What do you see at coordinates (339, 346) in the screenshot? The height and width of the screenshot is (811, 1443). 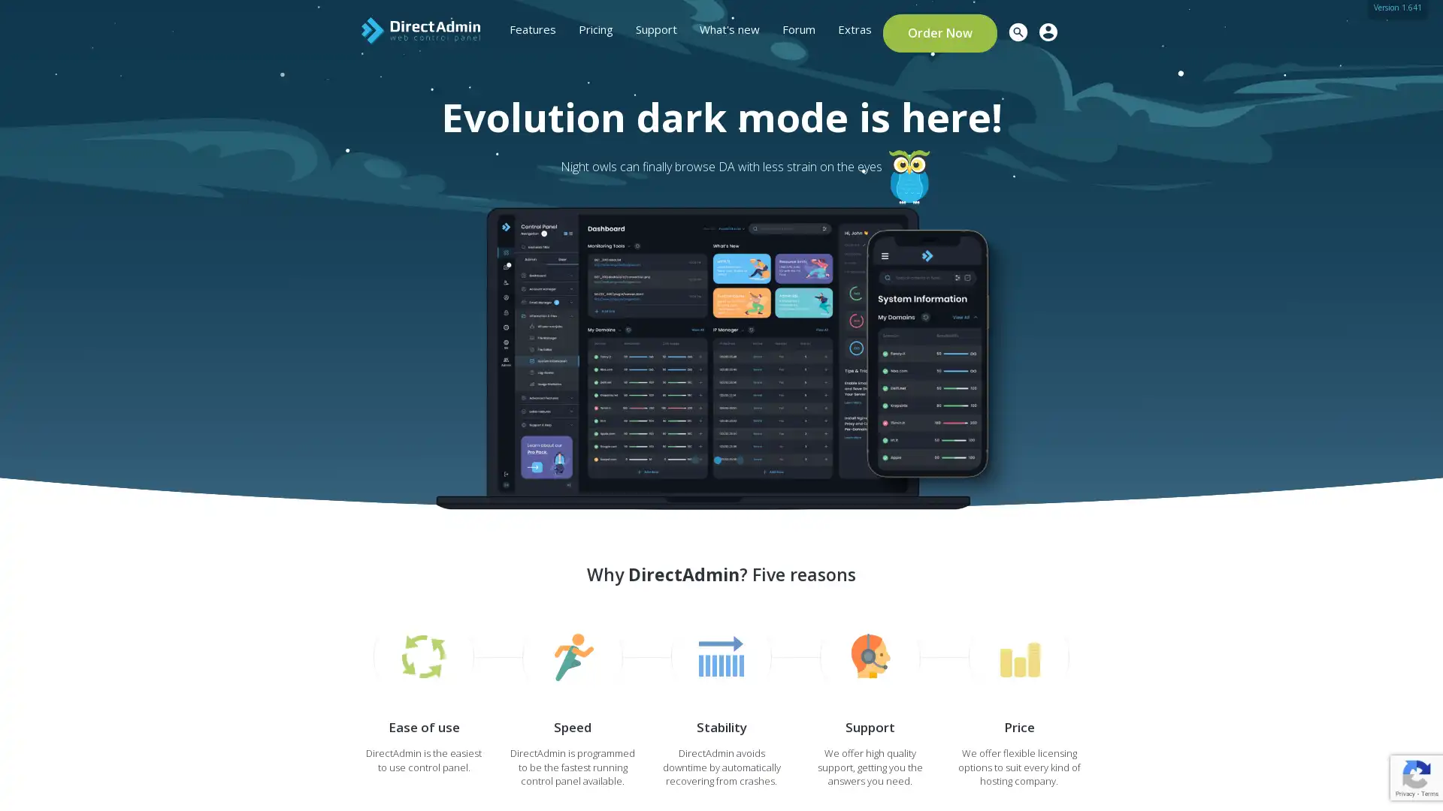 I see `See more` at bounding box center [339, 346].